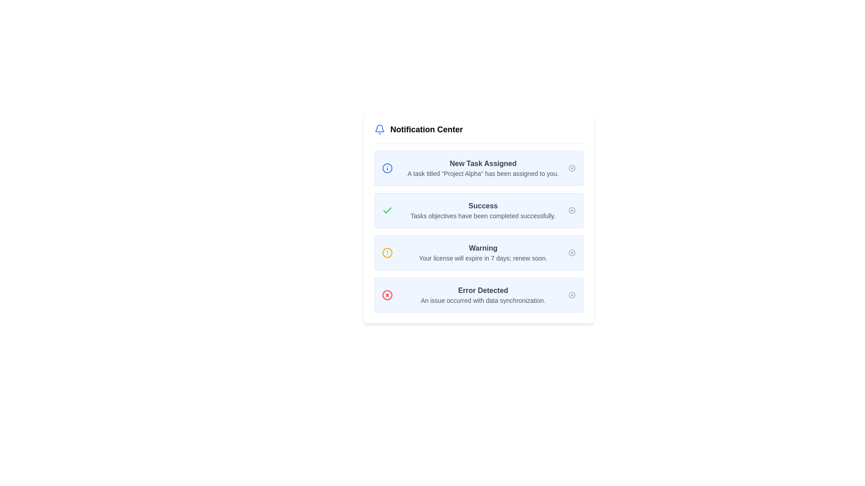 This screenshot has width=865, height=486. What do you see at coordinates (483, 210) in the screenshot?
I see `notification message text block located centrally in the notification panel, which is the second item in the stacked list of notifications, adjacent to a green checkmark icon on the left and a dismiss button on the right` at bounding box center [483, 210].